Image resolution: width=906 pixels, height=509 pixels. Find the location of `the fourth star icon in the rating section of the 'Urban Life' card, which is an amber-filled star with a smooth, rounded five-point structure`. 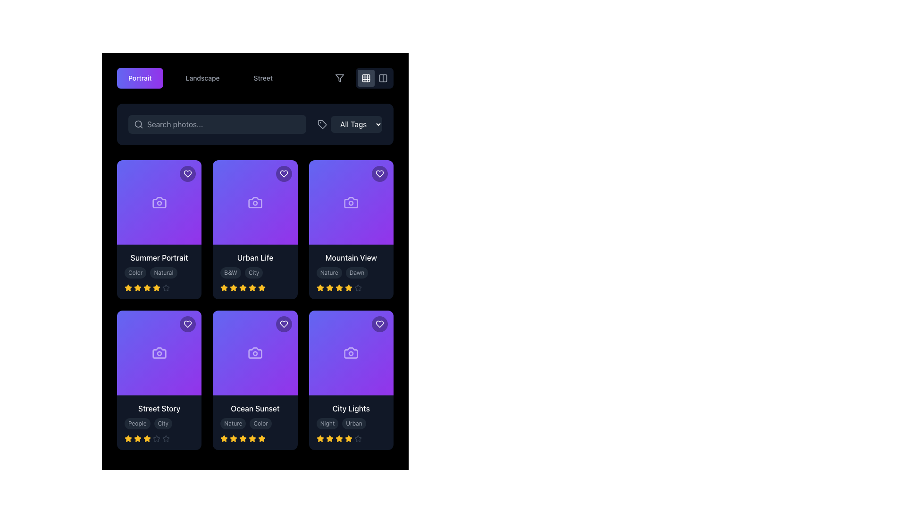

the fourth star icon in the rating section of the 'Urban Life' card, which is an amber-filled star with a smooth, rounded five-point structure is located at coordinates (262, 287).